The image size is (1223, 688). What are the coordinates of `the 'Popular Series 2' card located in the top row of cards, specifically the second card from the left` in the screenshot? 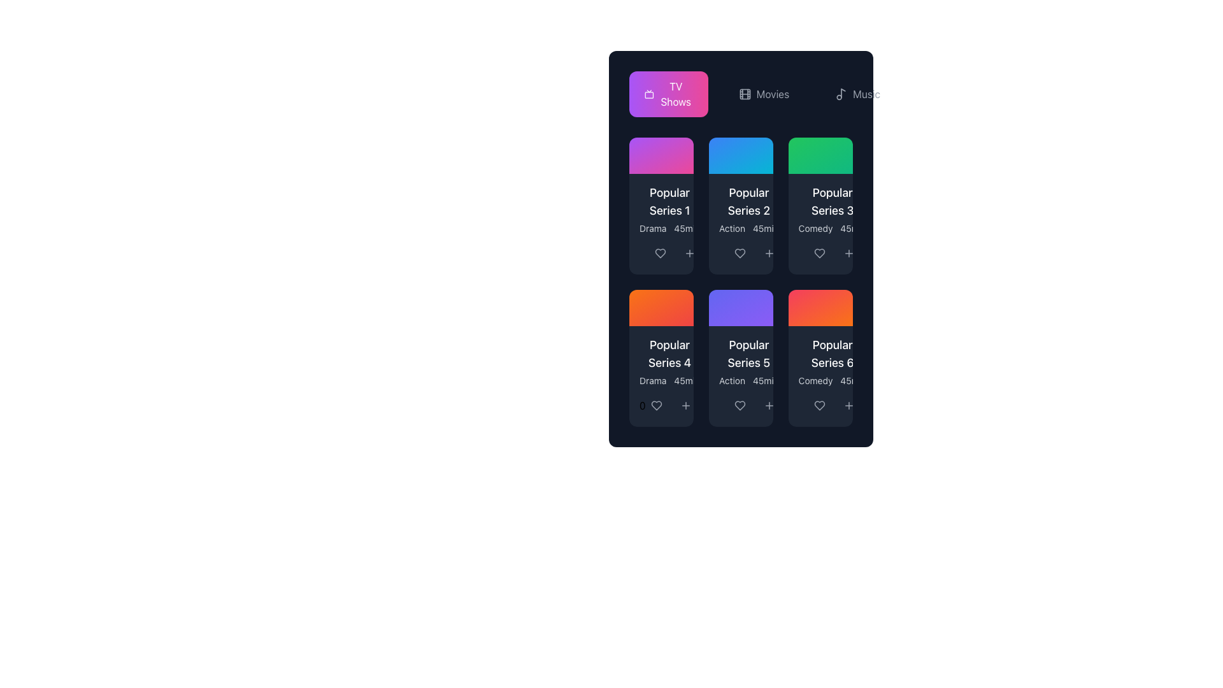 It's located at (741, 208).